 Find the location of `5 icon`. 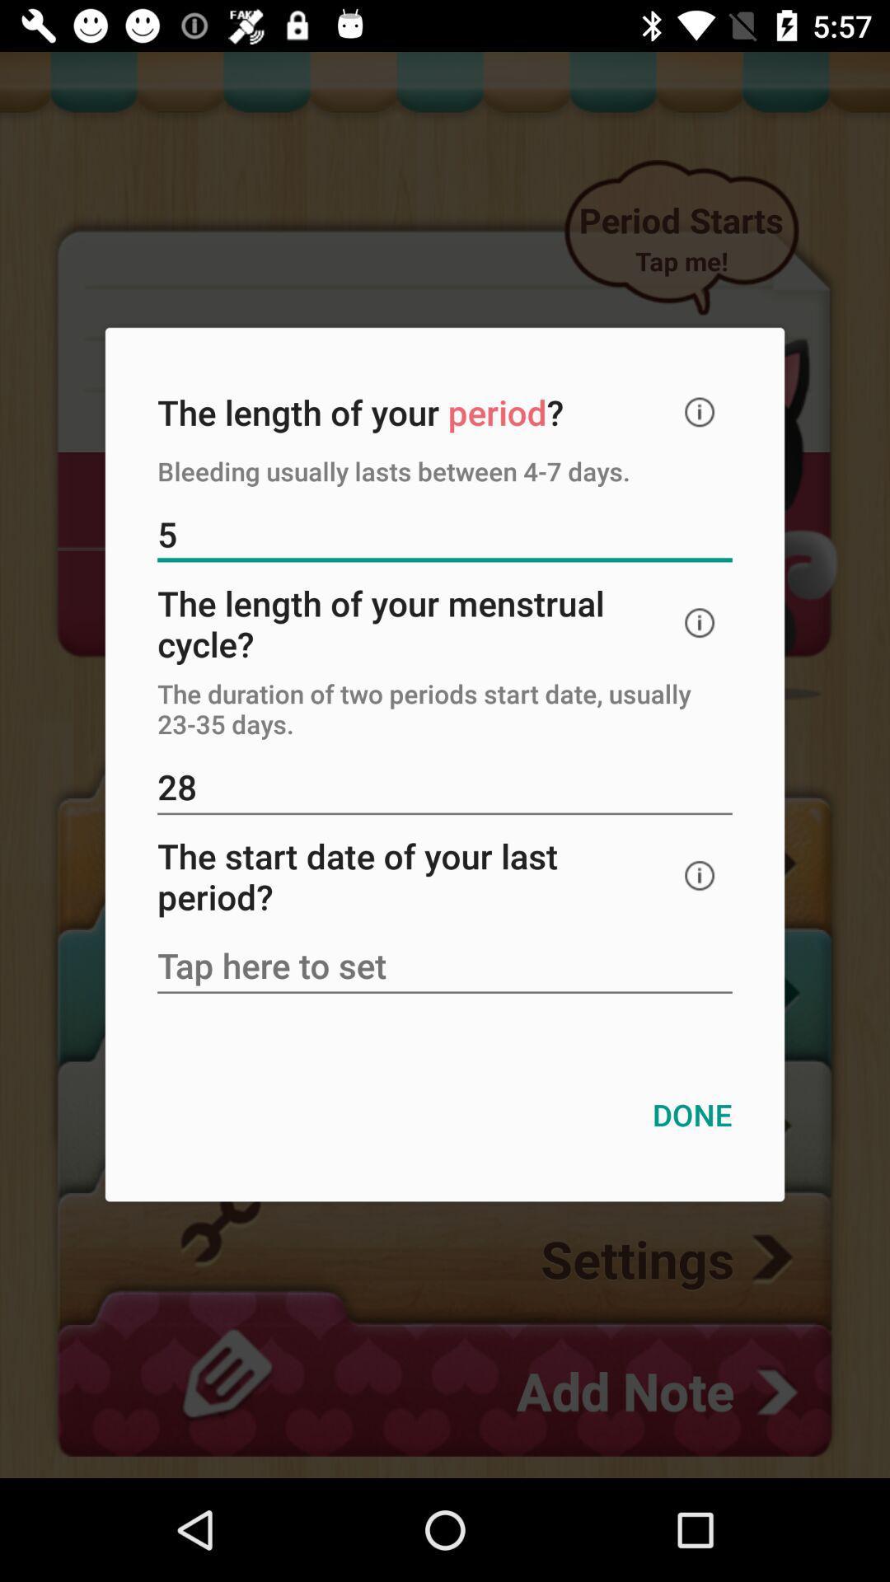

5 icon is located at coordinates (445, 536).